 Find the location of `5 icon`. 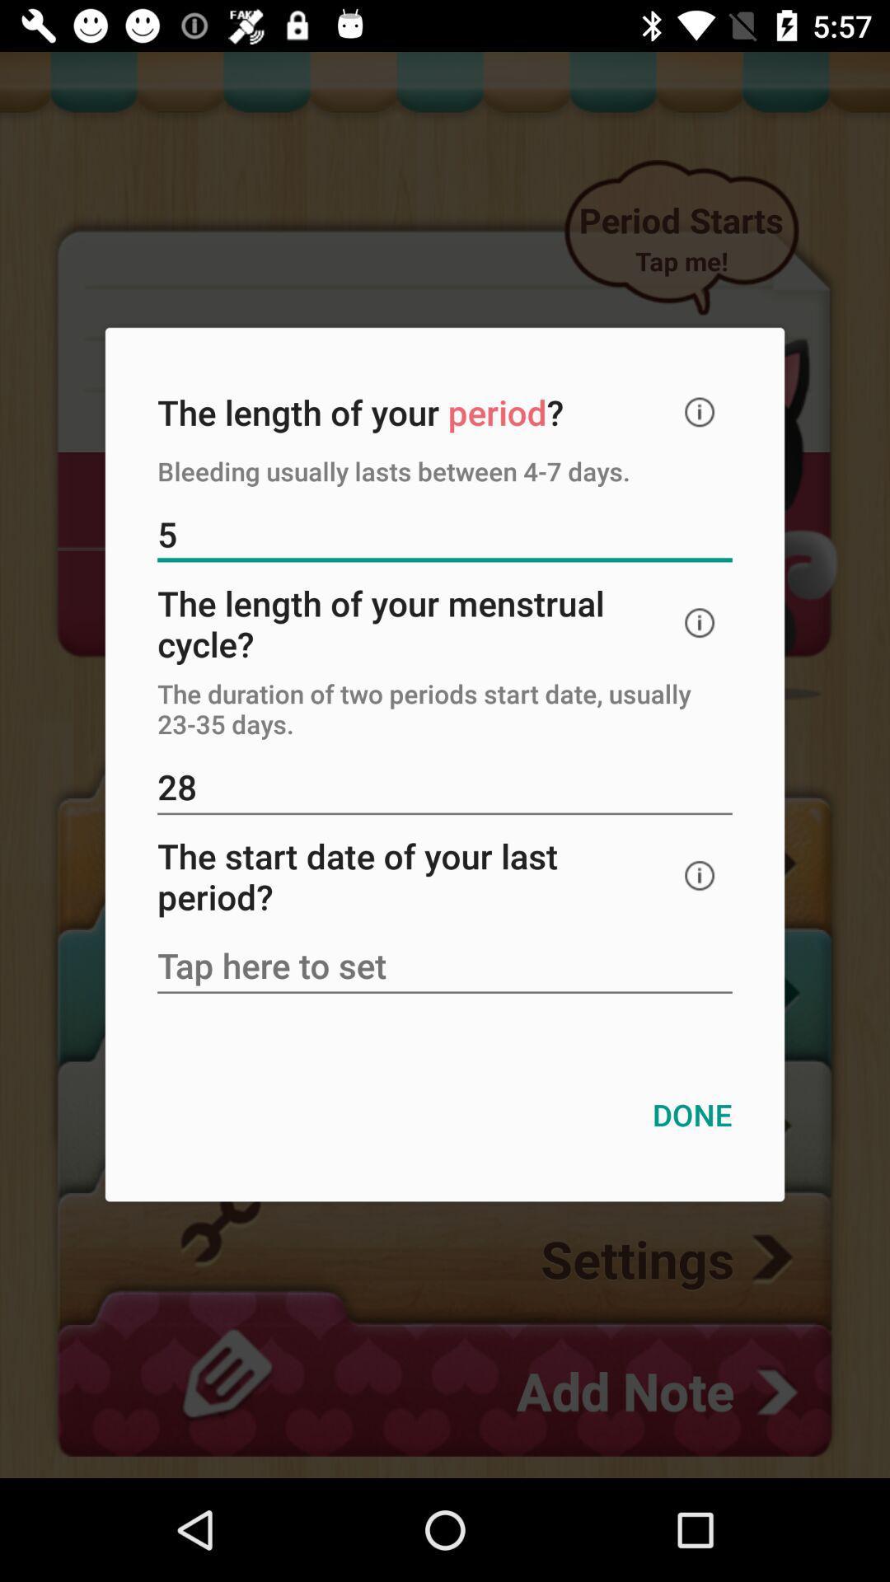

5 icon is located at coordinates (445, 536).